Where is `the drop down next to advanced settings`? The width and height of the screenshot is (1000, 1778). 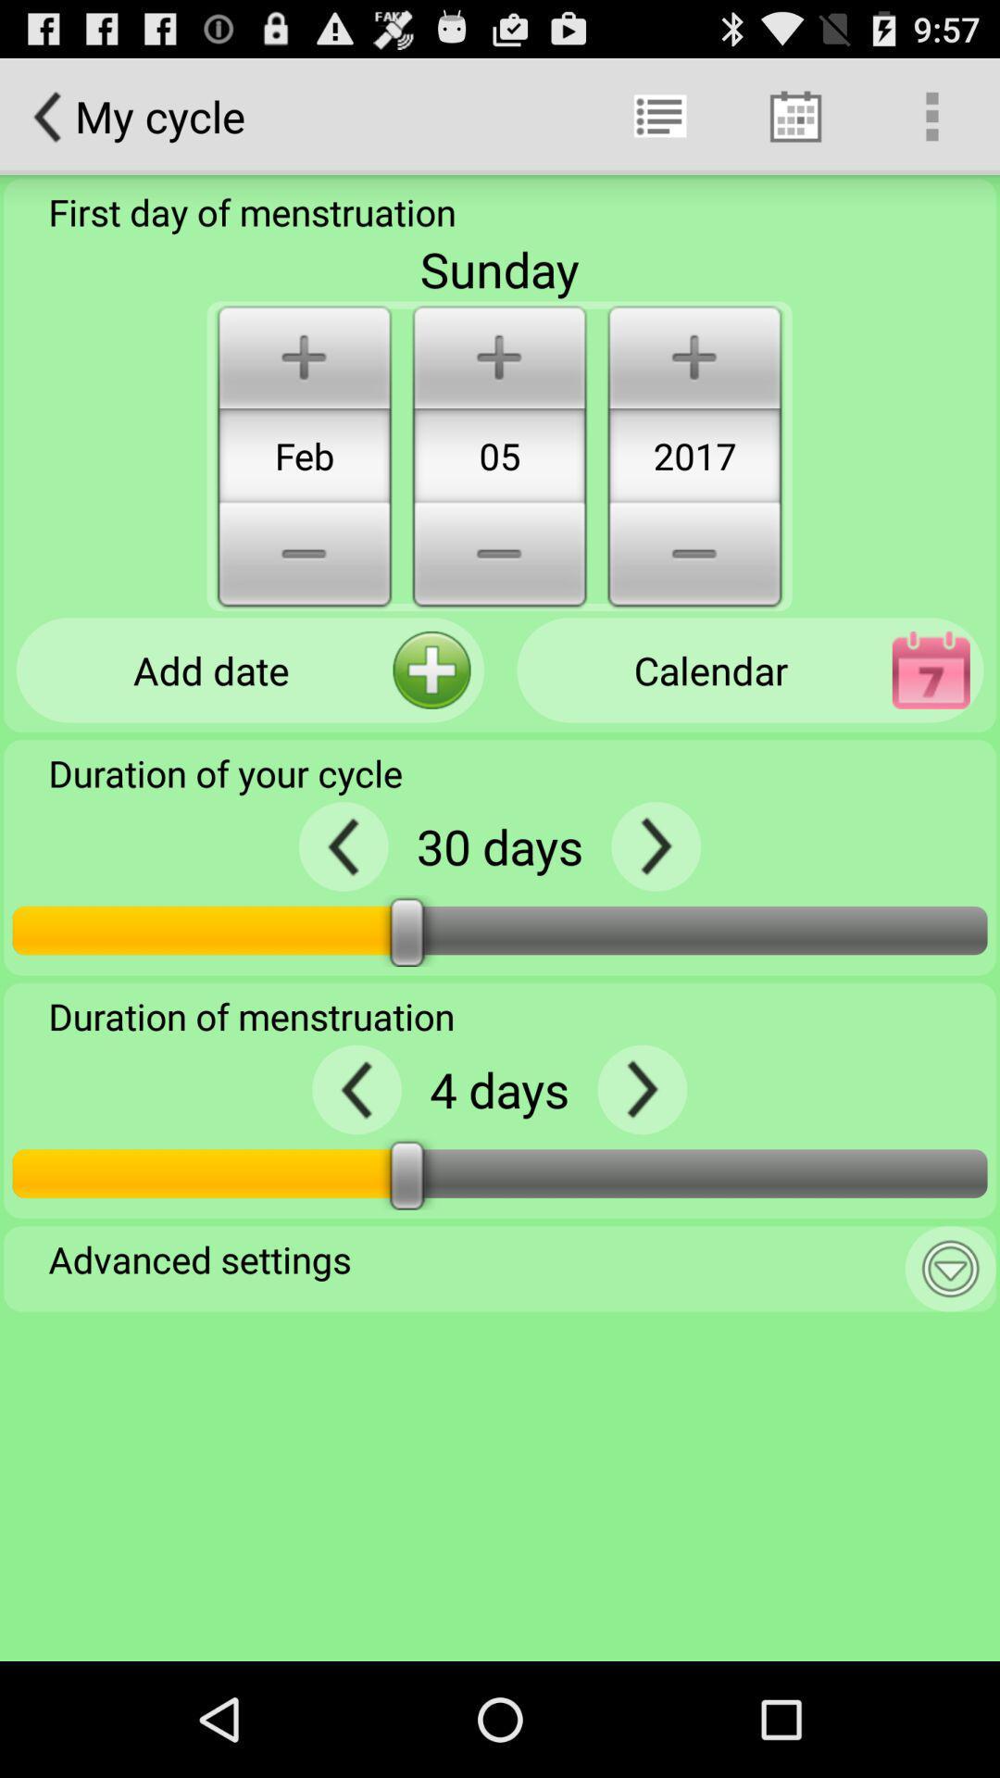
the drop down next to advanced settings is located at coordinates (950, 1268).